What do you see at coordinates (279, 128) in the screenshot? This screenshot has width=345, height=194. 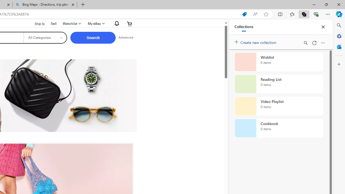 I see `'Cookbook collection, 0 items'` at bounding box center [279, 128].